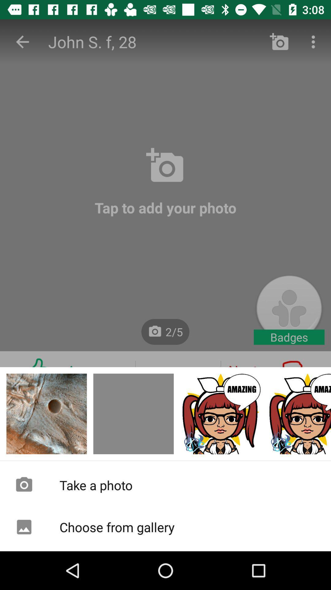  Describe the element at coordinates (133, 414) in the screenshot. I see `come back` at that location.